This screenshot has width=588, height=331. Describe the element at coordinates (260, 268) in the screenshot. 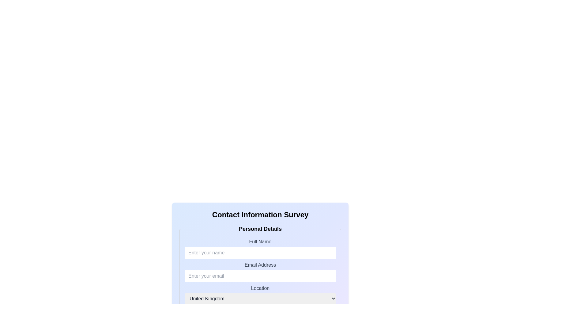

I see `a location from the dropdown menu in the 'Personal Details' section, which contains input fields for 'Full Name' and 'Email Address'` at that location.